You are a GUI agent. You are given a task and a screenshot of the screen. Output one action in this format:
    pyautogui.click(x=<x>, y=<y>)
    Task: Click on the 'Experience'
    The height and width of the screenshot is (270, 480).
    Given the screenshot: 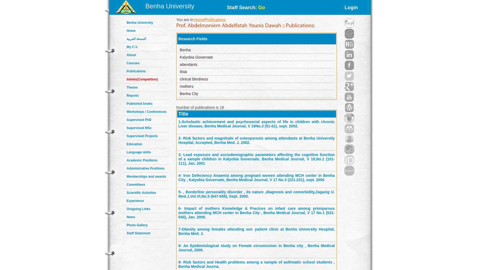 What is the action you would take?
    pyautogui.click(x=126, y=201)
    